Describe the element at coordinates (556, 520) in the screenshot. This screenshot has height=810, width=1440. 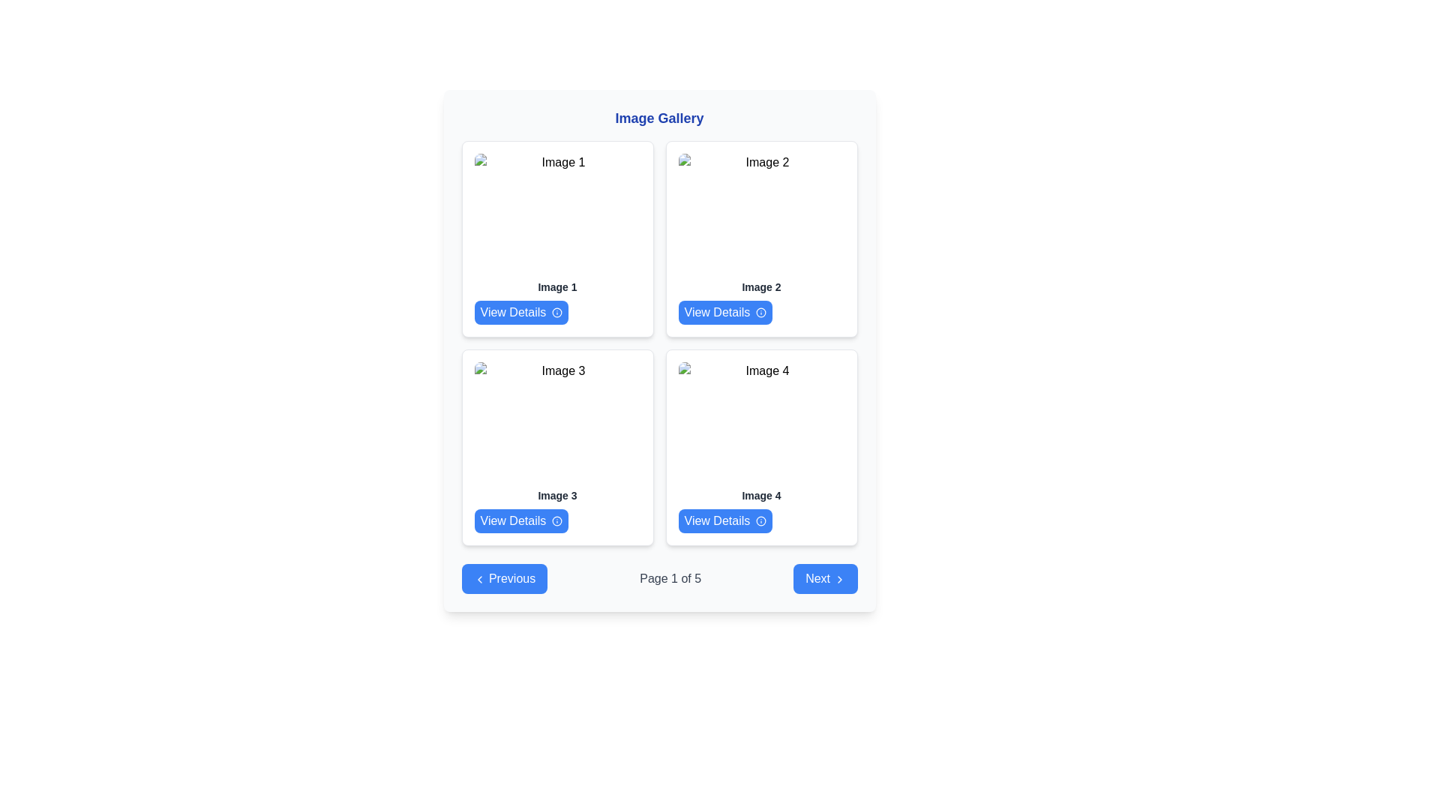
I see `the outermost circular SVG element that is part of an icon located above the 'View Details' button of the third item in the grid layout` at that location.